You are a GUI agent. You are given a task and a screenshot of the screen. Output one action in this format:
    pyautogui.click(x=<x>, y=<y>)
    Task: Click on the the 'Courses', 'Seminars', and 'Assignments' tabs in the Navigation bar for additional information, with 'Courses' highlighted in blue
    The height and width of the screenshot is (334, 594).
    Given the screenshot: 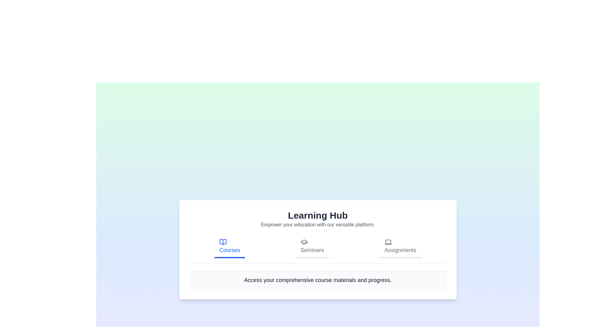 What is the action you would take?
    pyautogui.click(x=318, y=249)
    